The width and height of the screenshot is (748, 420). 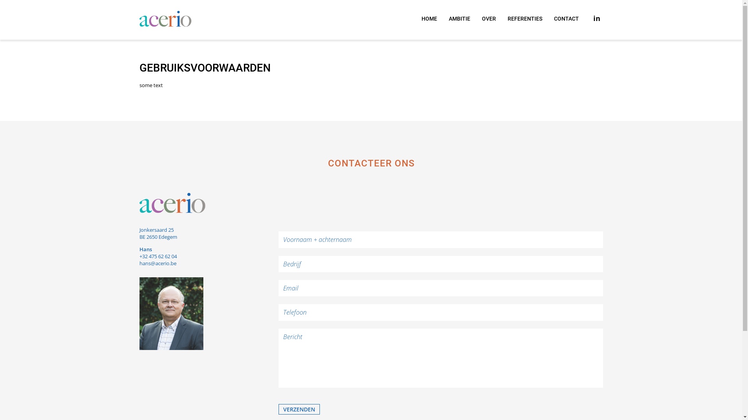 What do you see at coordinates (596, 17) in the screenshot?
I see `'in'` at bounding box center [596, 17].